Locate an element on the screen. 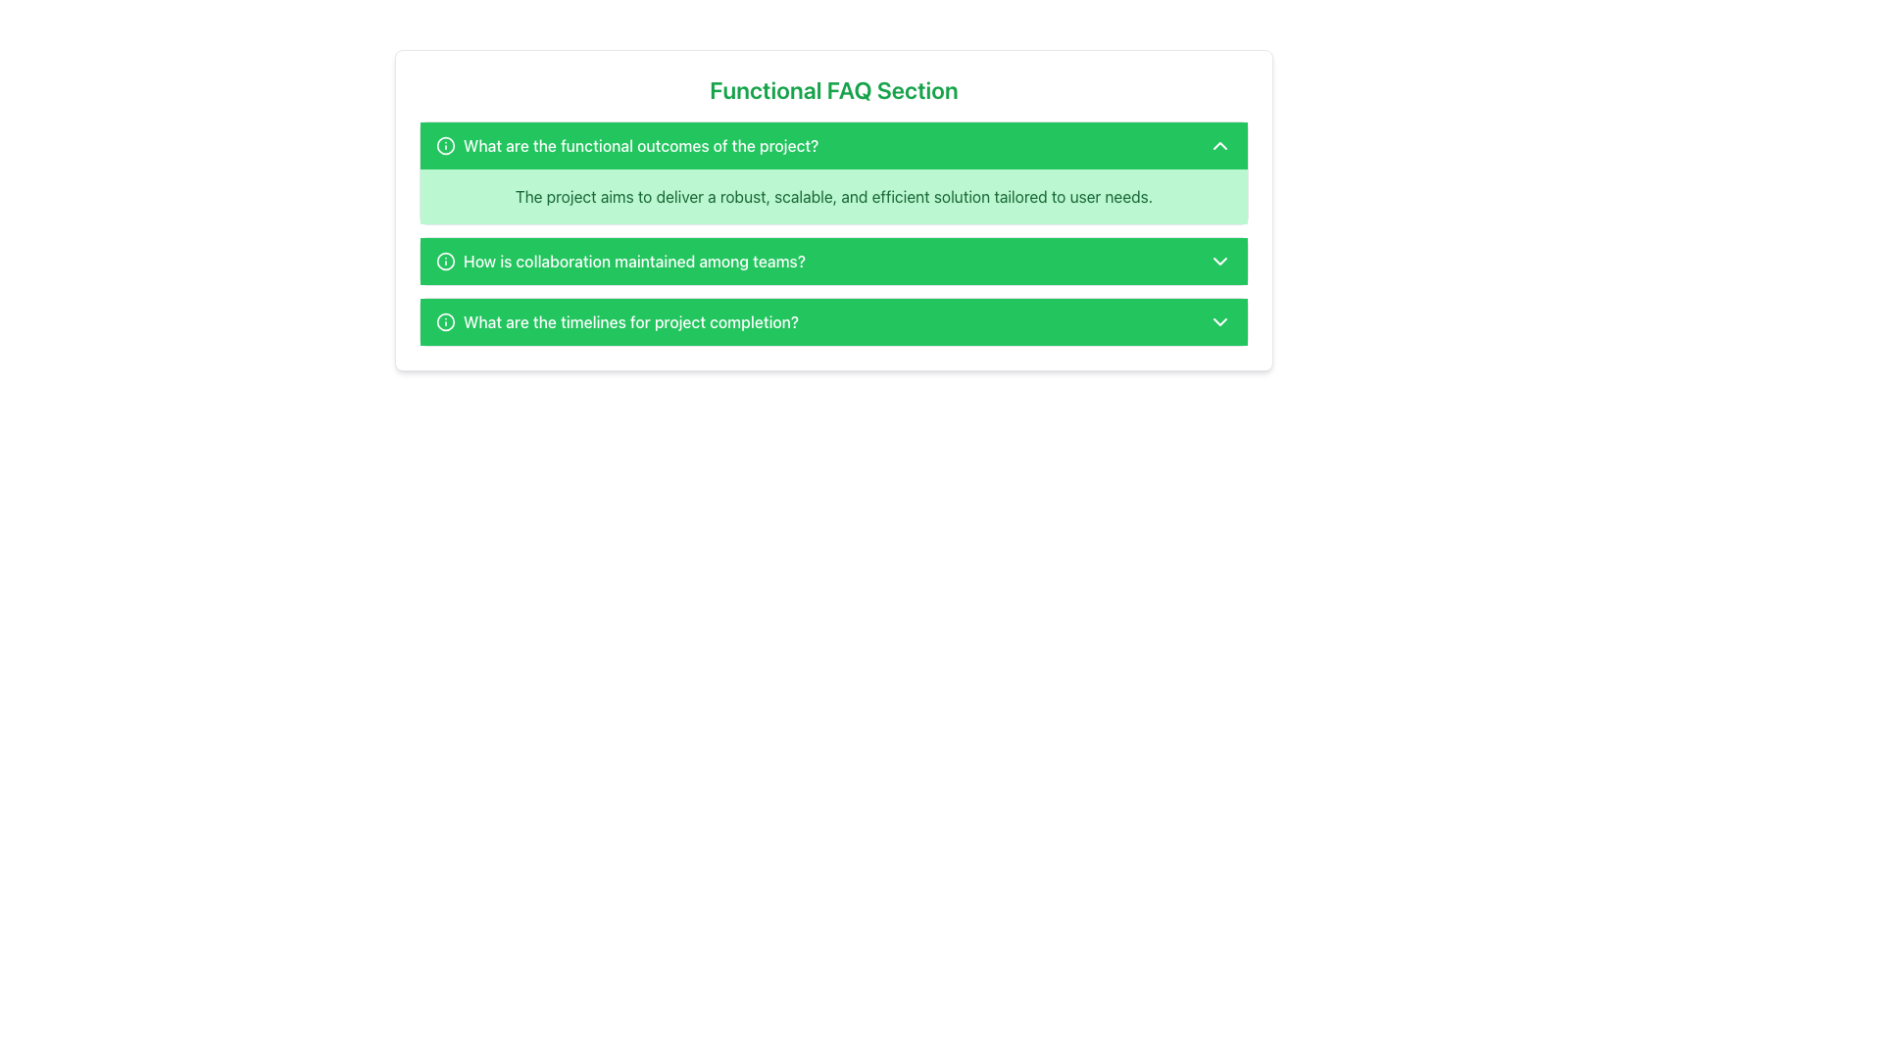 The width and height of the screenshot is (1882, 1058). the first FAQ item in the Functional FAQ Section to emphasize it, utilizing hover effects if applicable is located at coordinates (833, 172).